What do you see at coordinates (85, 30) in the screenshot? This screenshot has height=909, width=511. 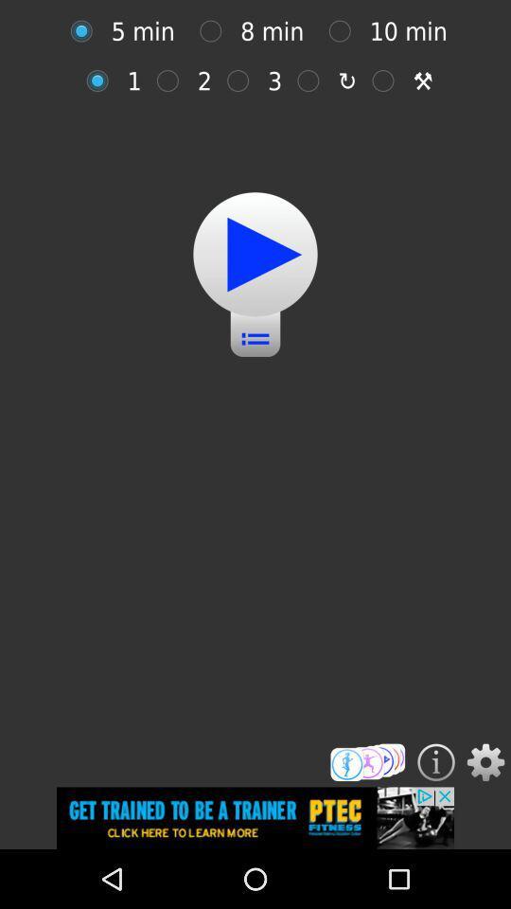 I see `5 minutes` at bounding box center [85, 30].